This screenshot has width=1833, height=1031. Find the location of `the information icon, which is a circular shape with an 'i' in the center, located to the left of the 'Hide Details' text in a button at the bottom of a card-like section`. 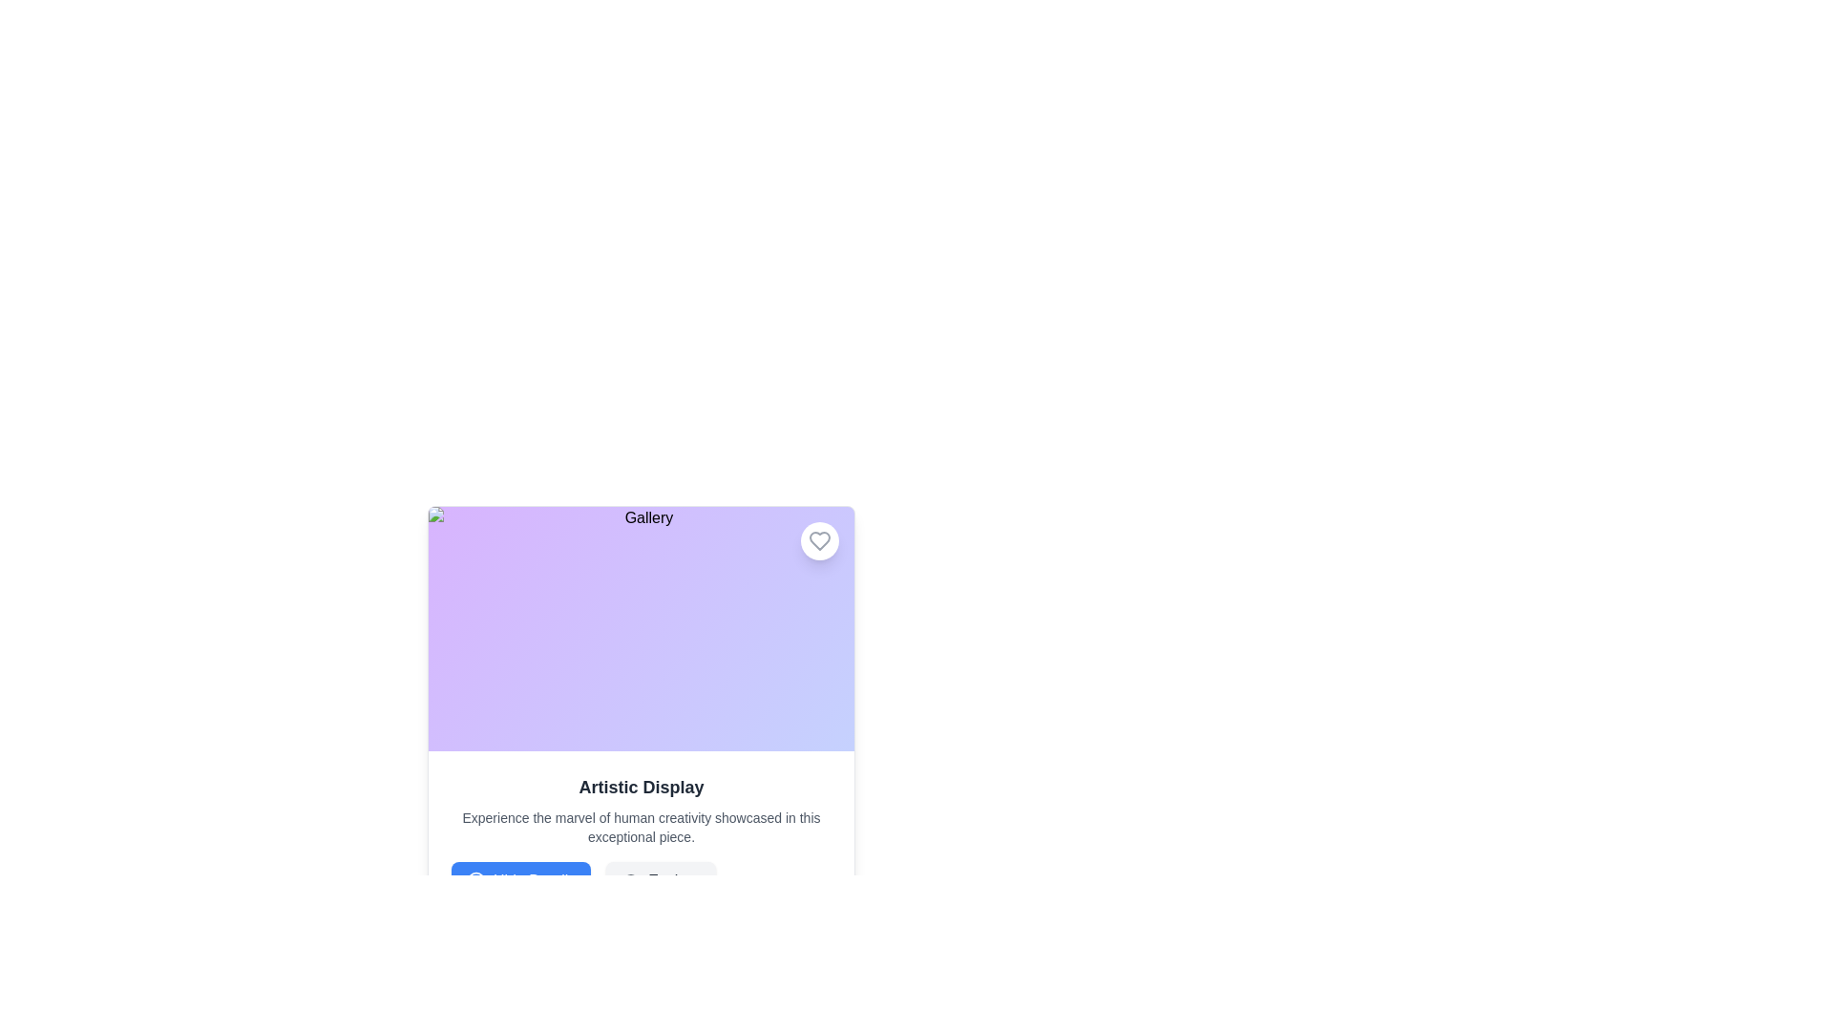

the information icon, which is a circular shape with an 'i' in the center, located to the left of the 'Hide Details' text in a button at the bottom of a card-like section is located at coordinates (476, 880).